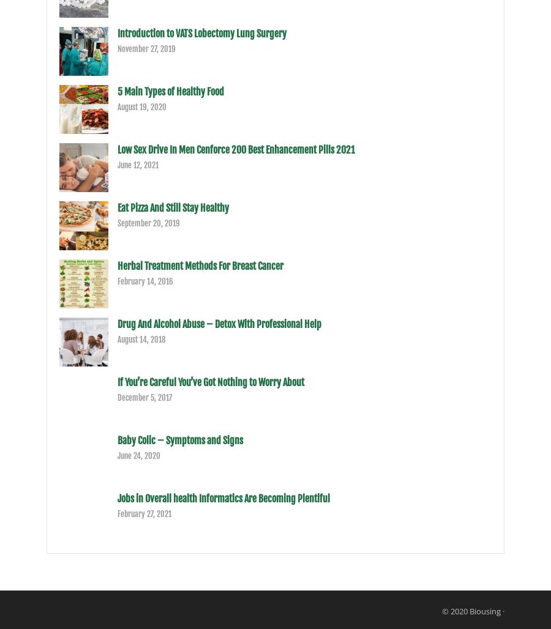 This screenshot has width=551, height=629. I want to click on 'Baby Colic – Symptoms and Signs', so click(179, 439).